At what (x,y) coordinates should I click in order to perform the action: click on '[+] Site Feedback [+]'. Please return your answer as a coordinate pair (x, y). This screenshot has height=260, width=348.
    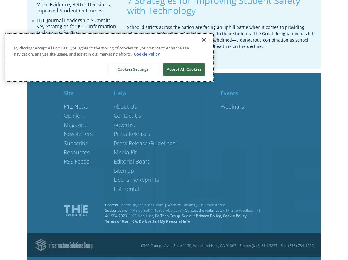
    Looking at the image, I should click on (243, 210).